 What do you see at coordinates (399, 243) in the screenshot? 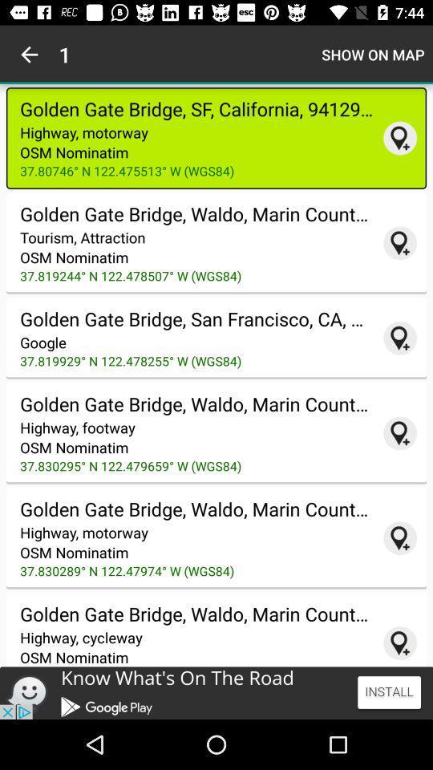
I see `tag this location` at bounding box center [399, 243].